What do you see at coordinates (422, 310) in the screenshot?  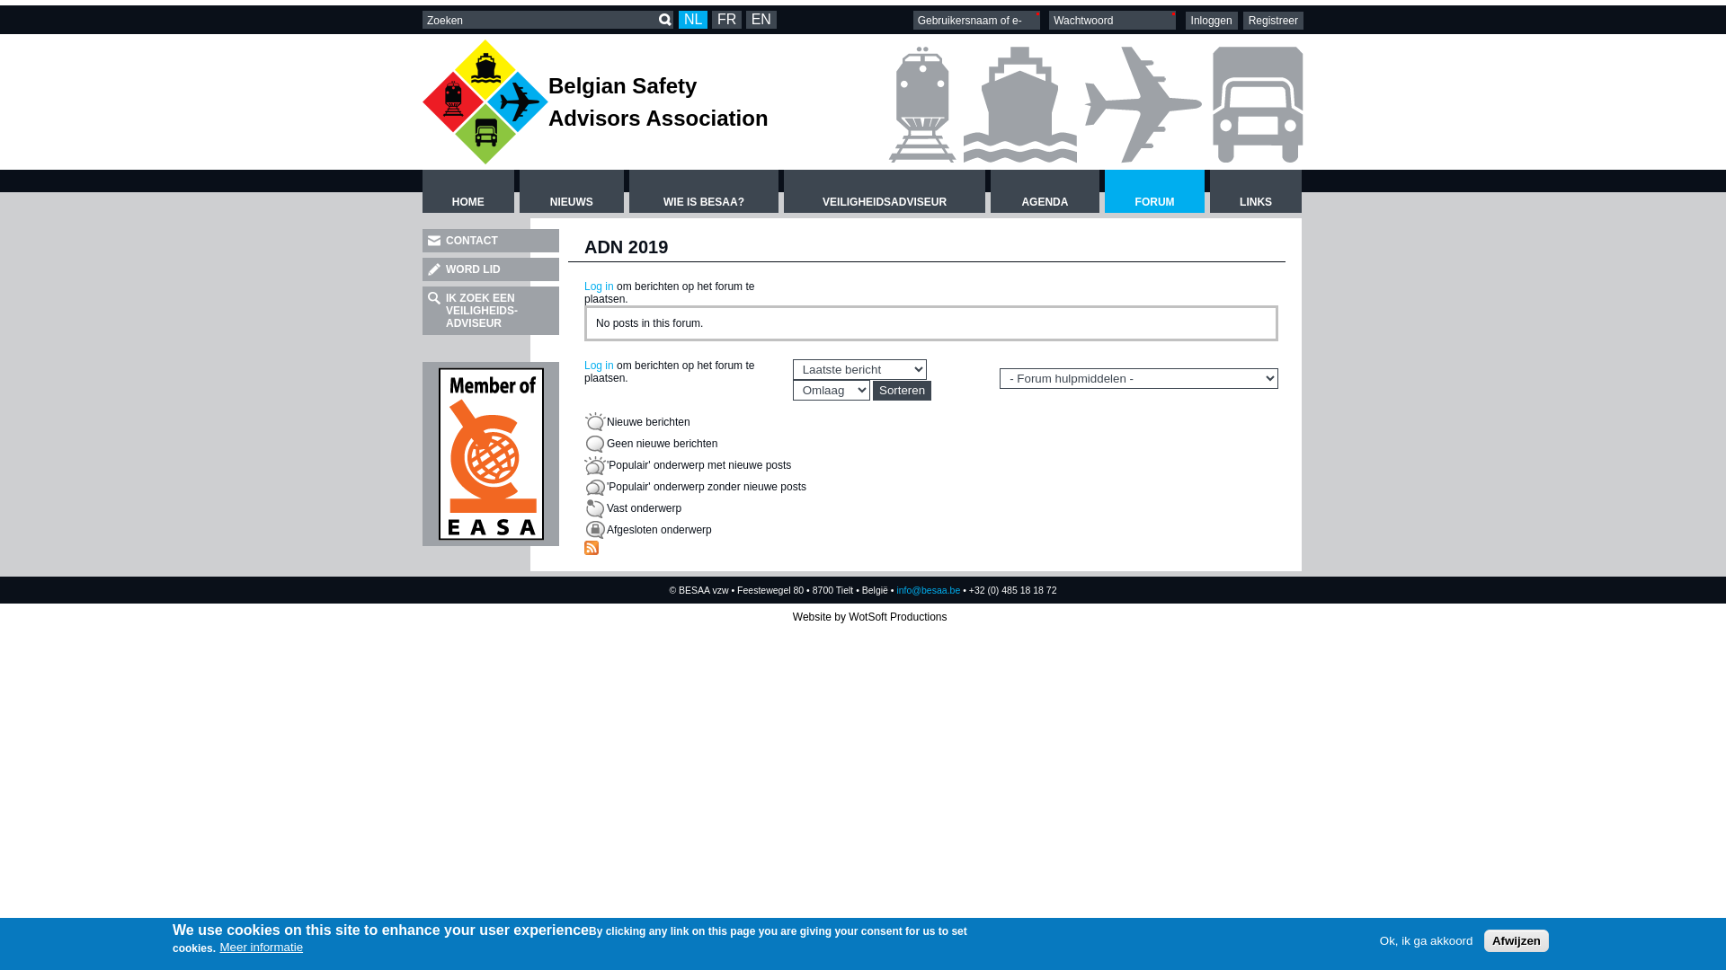 I see `'IK ZOEK EEN VEILIGHEIDS-ADVISEUR'` at bounding box center [422, 310].